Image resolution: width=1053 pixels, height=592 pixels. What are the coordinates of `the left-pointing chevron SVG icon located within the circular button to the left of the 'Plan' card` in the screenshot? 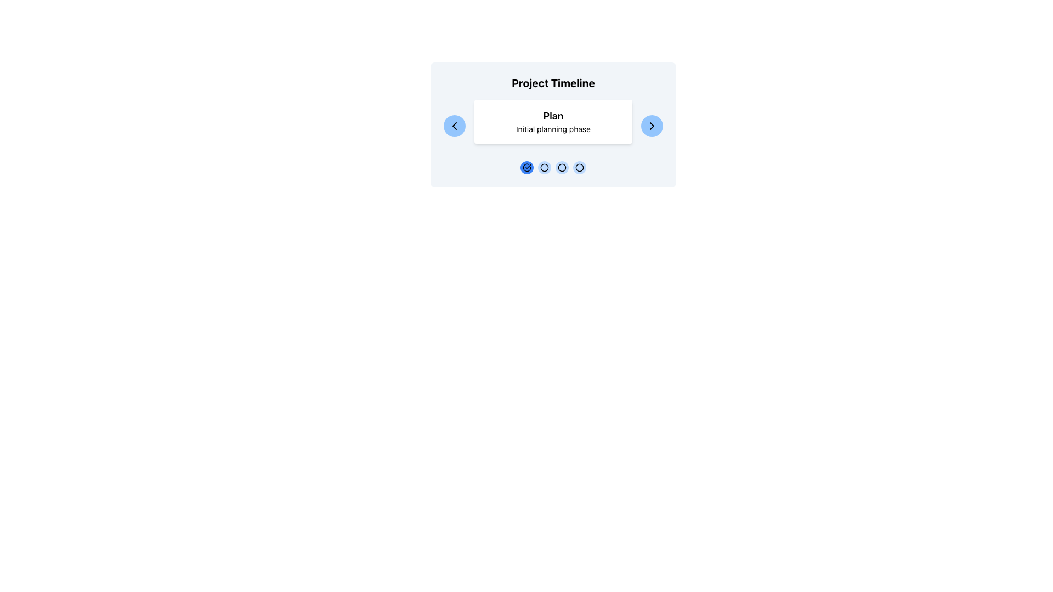 It's located at (455, 126).